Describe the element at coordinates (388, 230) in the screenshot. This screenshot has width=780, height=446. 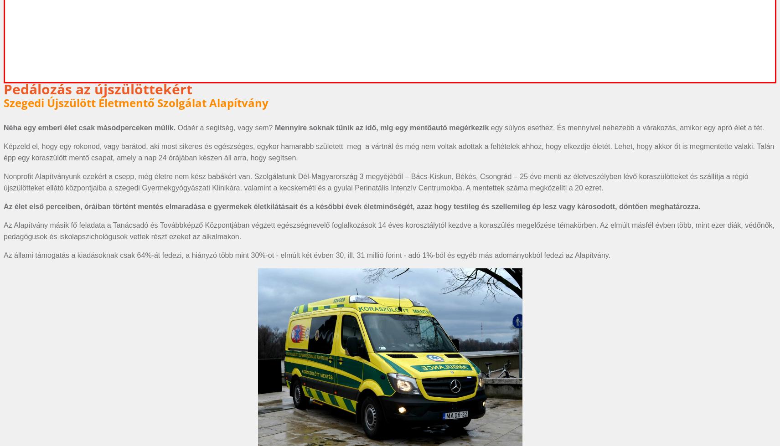
I see `'Az Alapítvány másik fő feladata a Tanácsadó és Továbbképző Központjában végzett egészségnevelő foglalkozások 14 éves korosztálytól kezdve a koraszülés megelőzése témakörben. Az elmúlt másfél évben több, mint ezer diák, védőnők, pedagógusok és iskolapszichológusok vettek részt ezeket az alkalmakon.'` at that location.